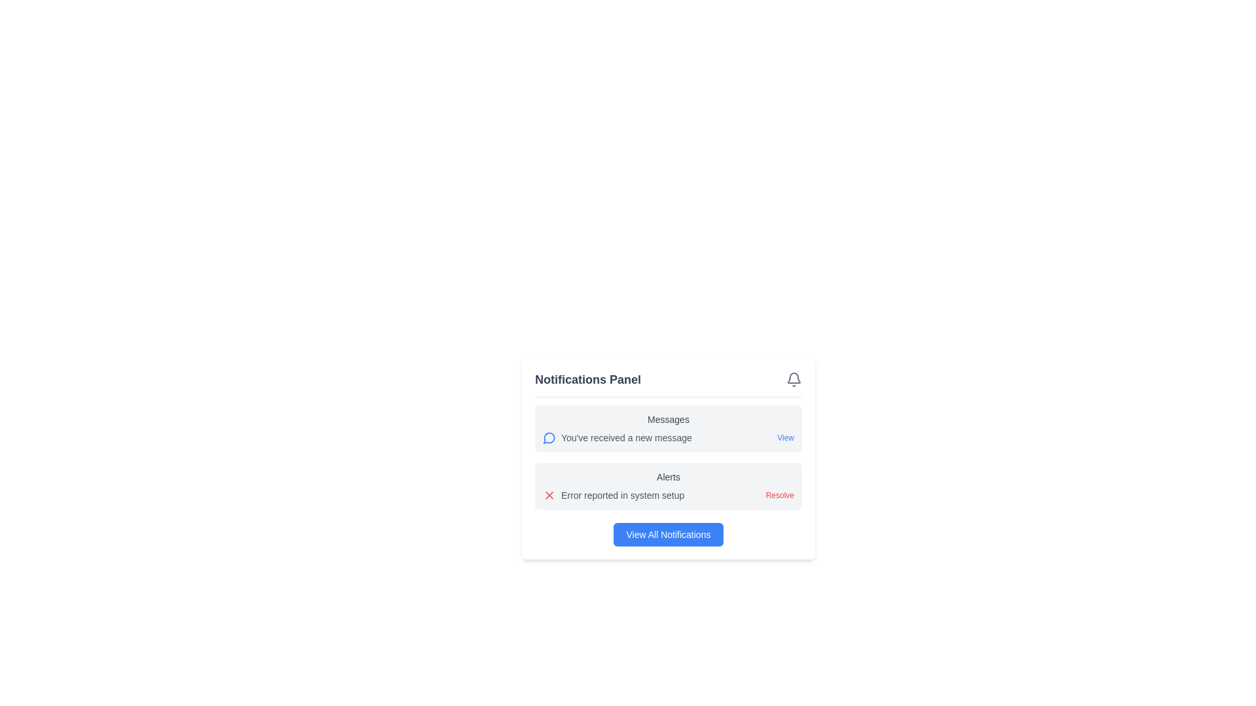  What do you see at coordinates (625, 438) in the screenshot?
I see `text label displaying 'You've received a new message.' located in the notification message panel under the 'Messages' section` at bounding box center [625, 438].